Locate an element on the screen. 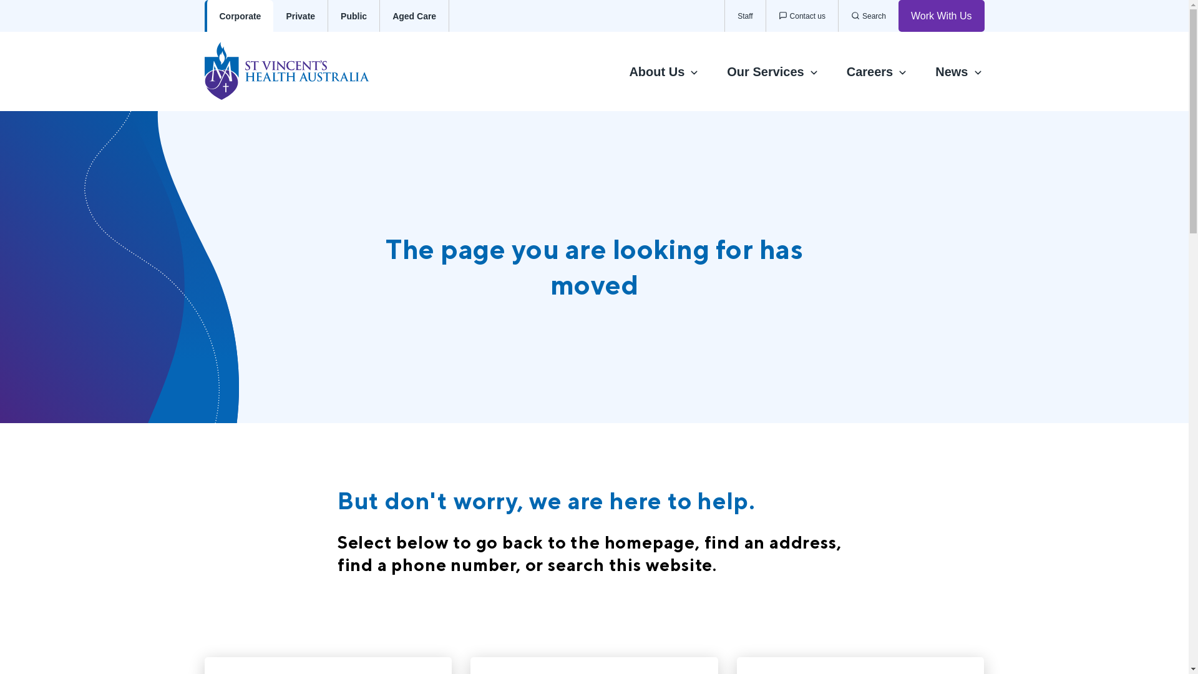 This screenshot has width=1198, height=674. 'Contact us' is located at coordinates (802, 16).